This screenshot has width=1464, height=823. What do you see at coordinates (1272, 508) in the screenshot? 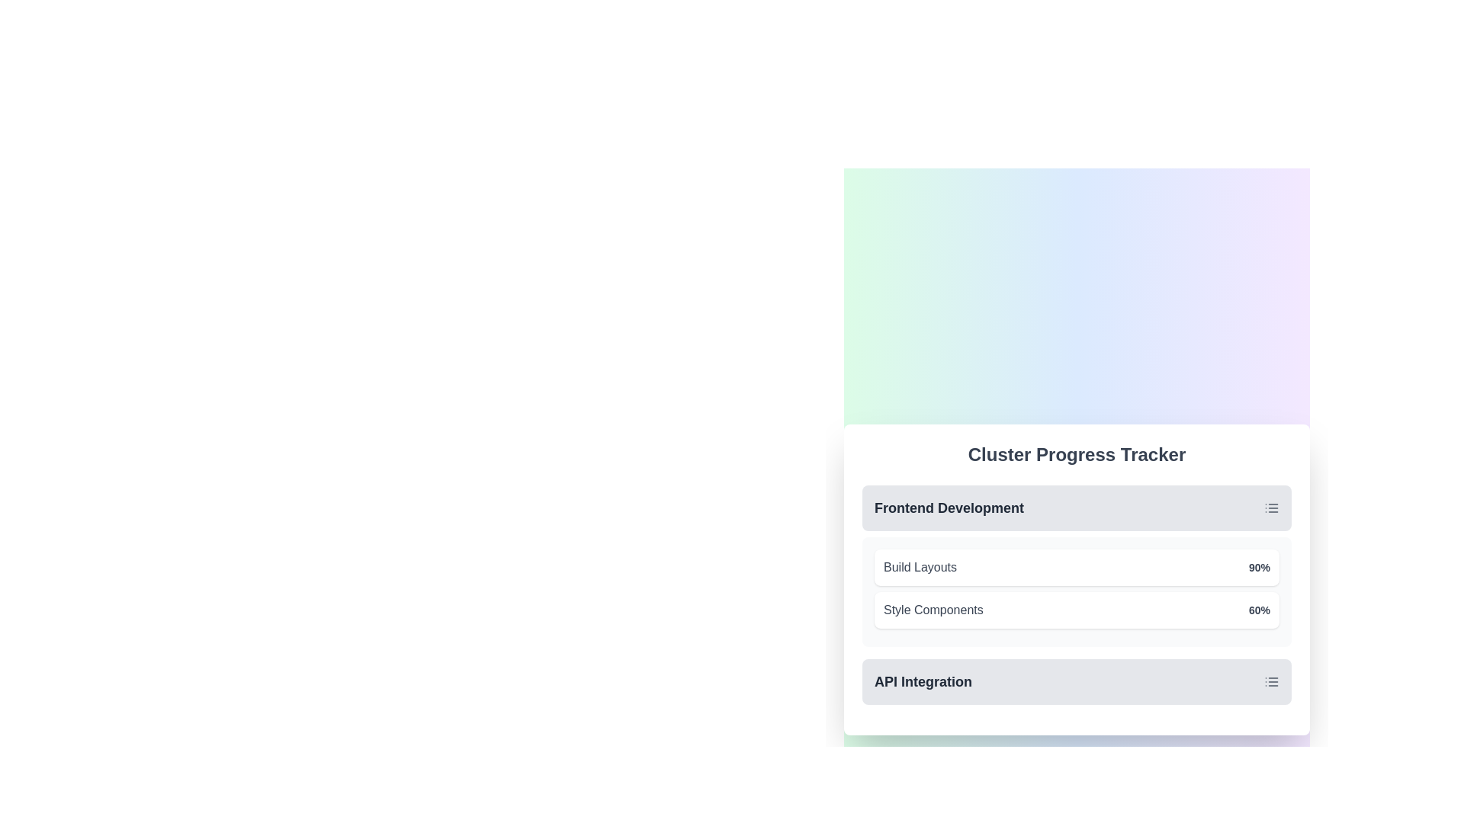
I see `the icon representing the menu or options toggle for the 'Frontend Development' section` at bounding box center [1272, 508].